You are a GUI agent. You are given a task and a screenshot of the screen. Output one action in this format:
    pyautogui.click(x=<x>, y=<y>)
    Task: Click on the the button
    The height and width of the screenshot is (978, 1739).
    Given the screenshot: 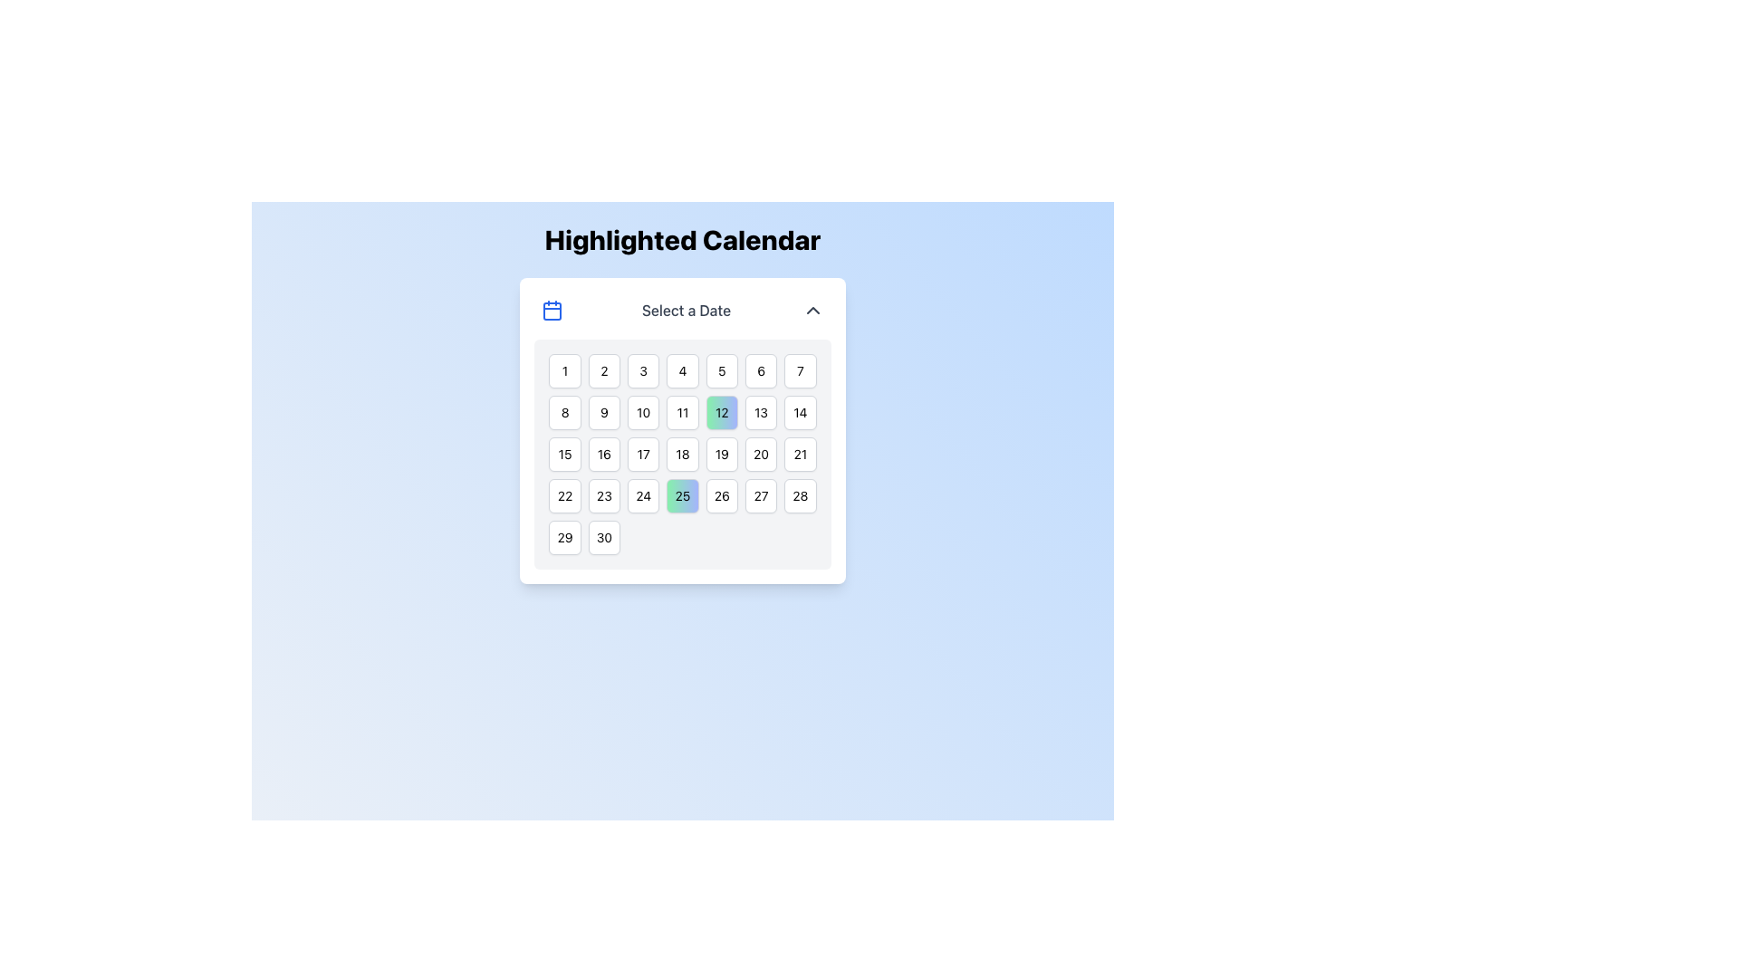 What is the action you would take?
    pyautogui.click(x=564, y=537)
    